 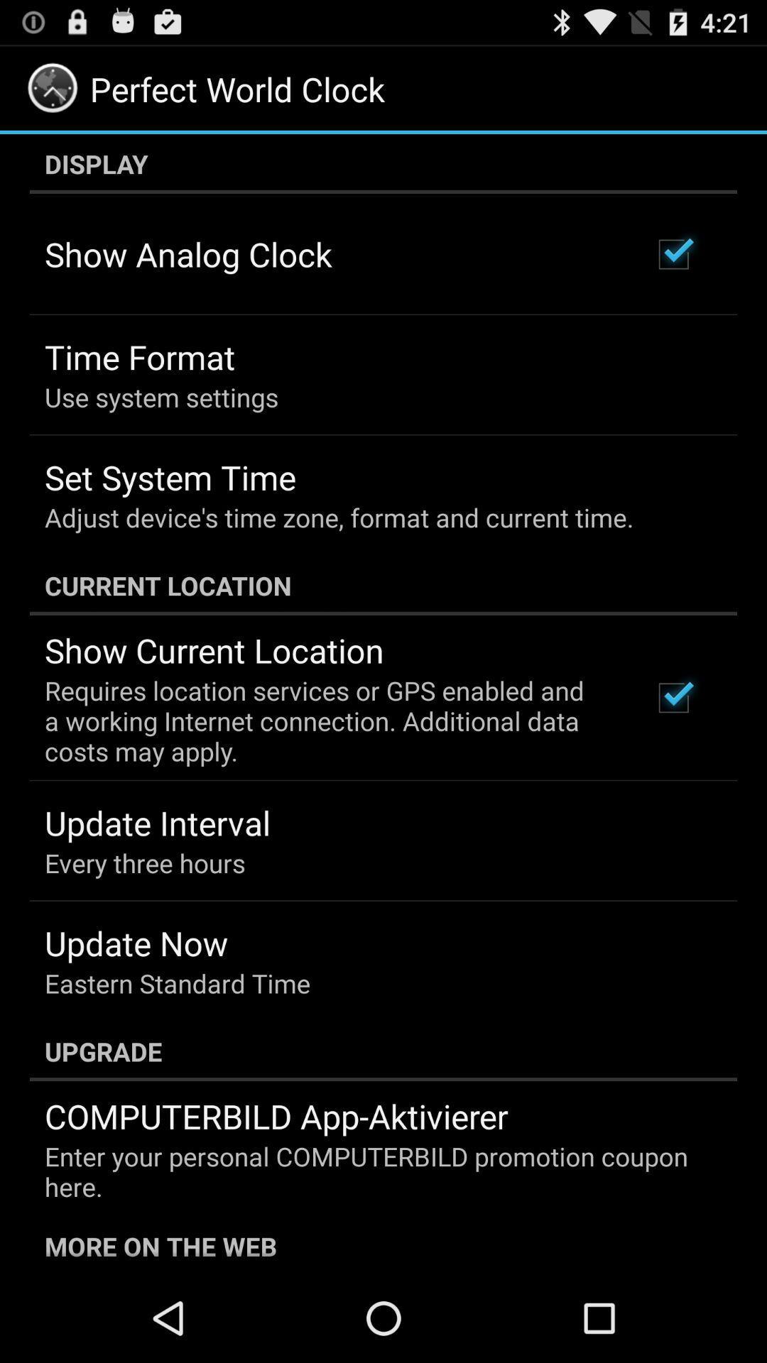 What do you see at coordinates (329, 721) in the screenshot?
I see `requires location services app` at bounding box center [329, 721].